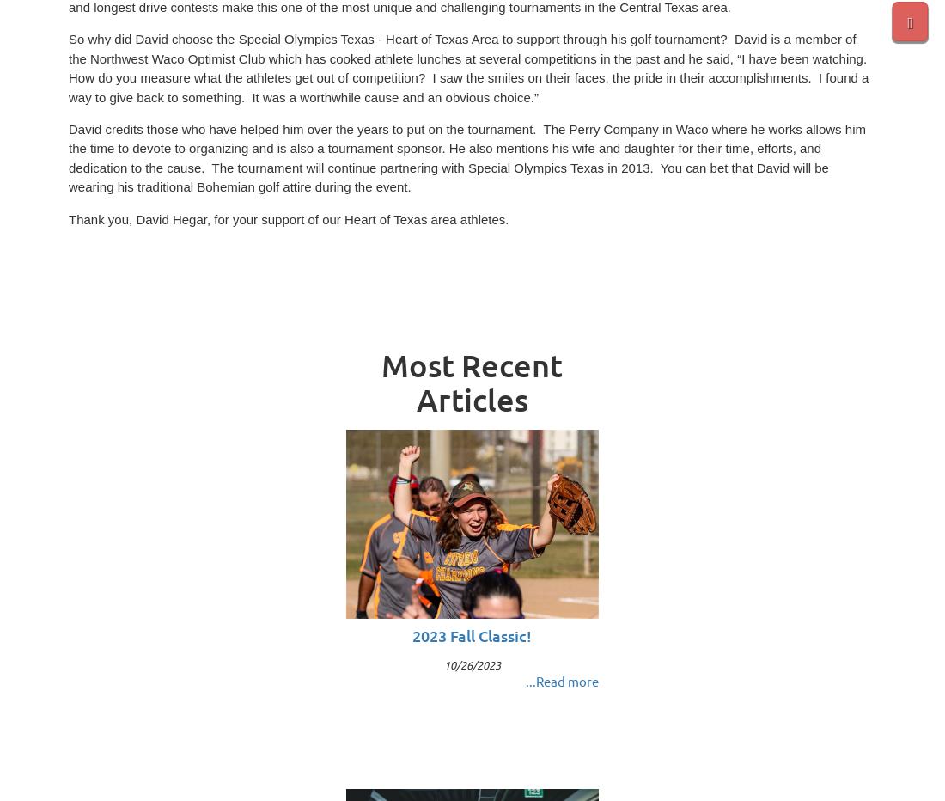 Image resolution: width=945 pixels, height=801 pixels. Describe the element at coordinates (472, 382) in the screenshot. I see `'Most Recent Articles'` at that location.